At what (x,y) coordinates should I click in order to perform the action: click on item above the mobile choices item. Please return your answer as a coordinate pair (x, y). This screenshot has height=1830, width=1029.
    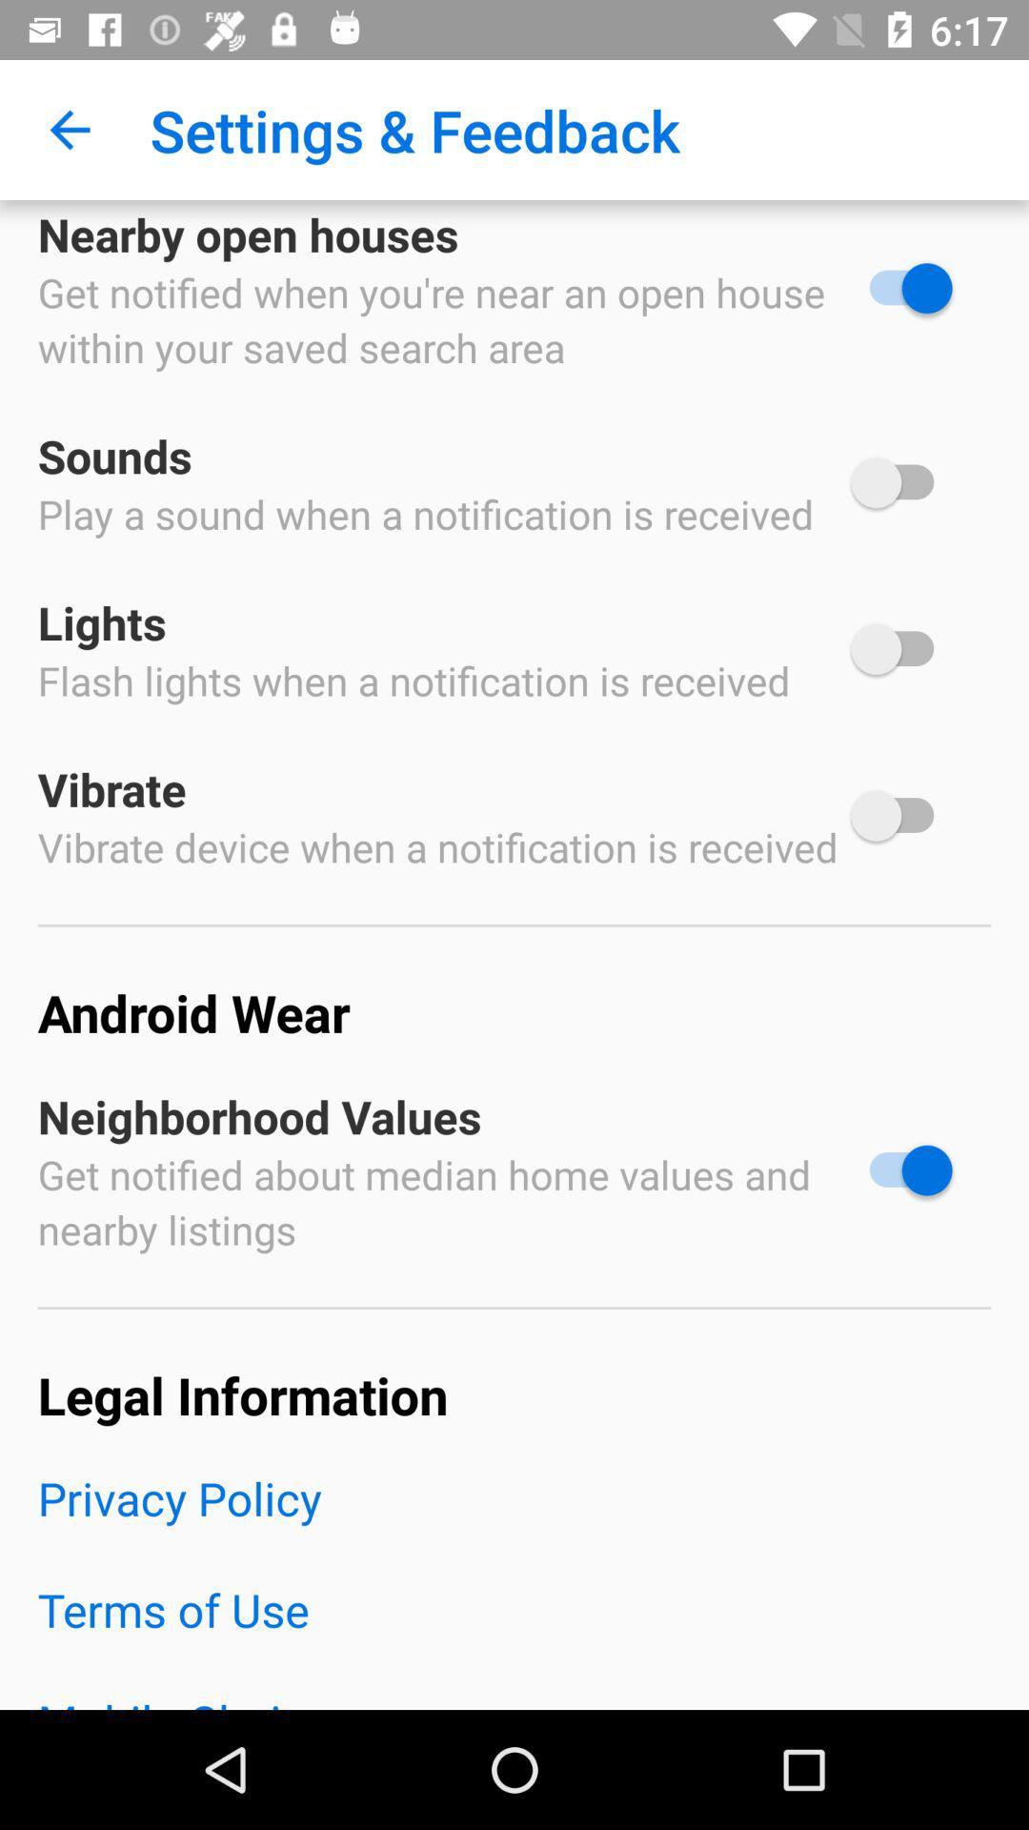
    Looking at the image, I should click on (514, 1634).